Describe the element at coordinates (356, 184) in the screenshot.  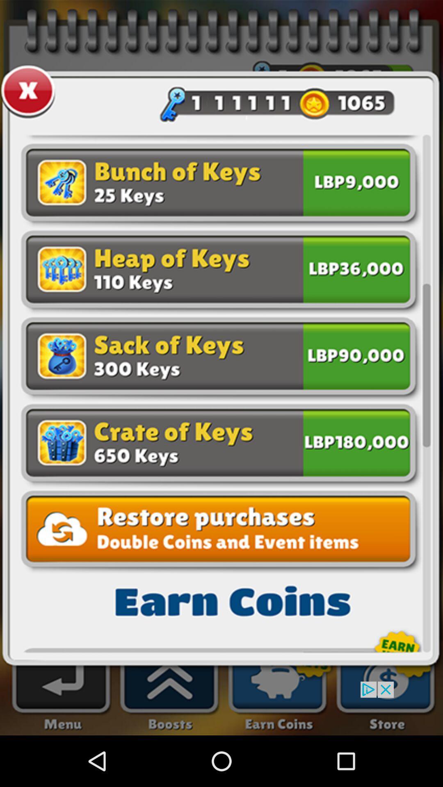
I see `purchase 25 keys` at that location.